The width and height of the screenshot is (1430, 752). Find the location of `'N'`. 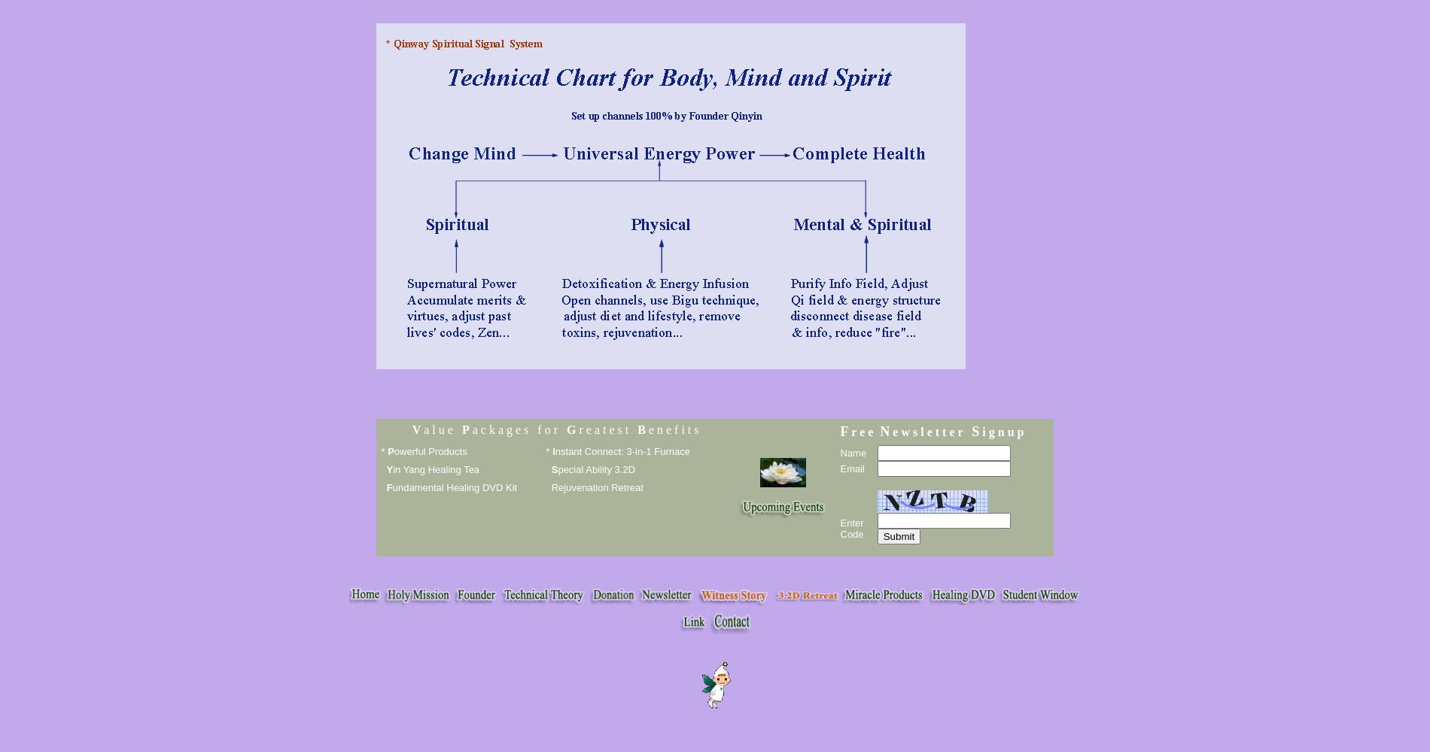

'N' is located at coordinates (881, 431).